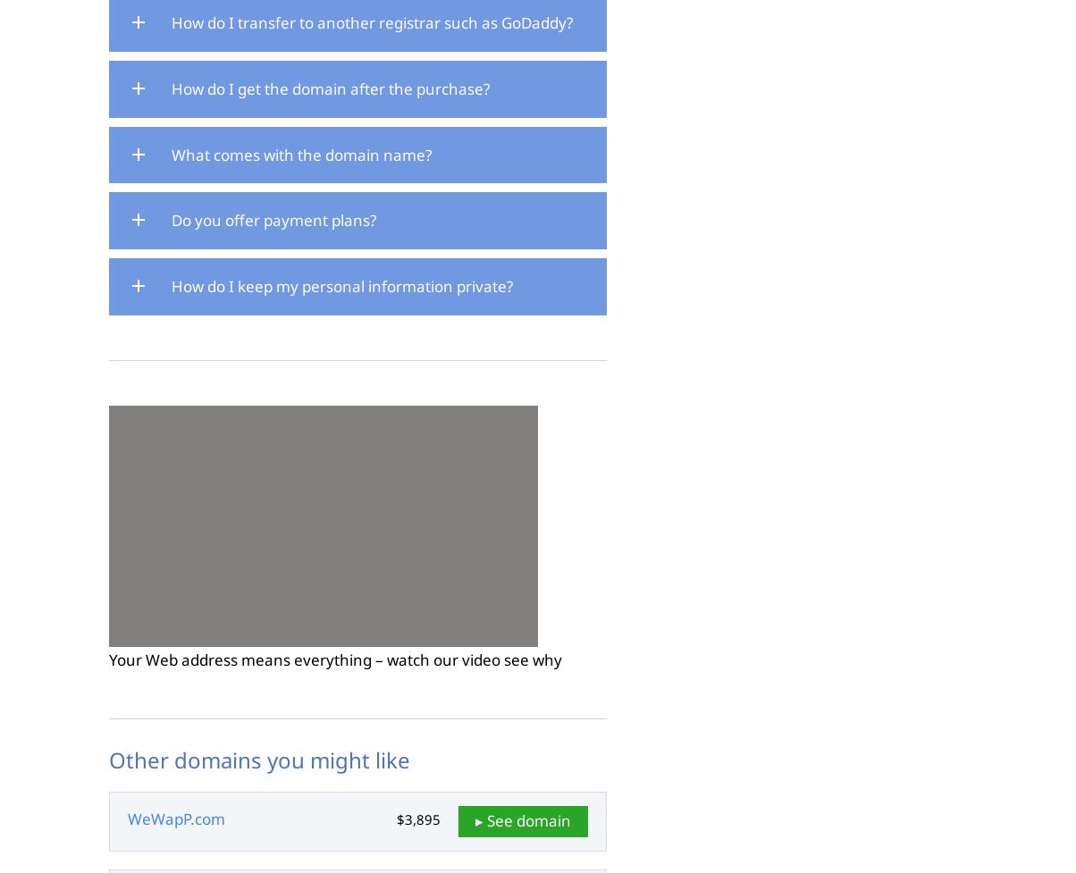 The width and height of the screenshot is (1076, 873). Describe the element at coordinates (341, 285) in the screenshot. I see `'How do I keep my personal information private?'` at that location.